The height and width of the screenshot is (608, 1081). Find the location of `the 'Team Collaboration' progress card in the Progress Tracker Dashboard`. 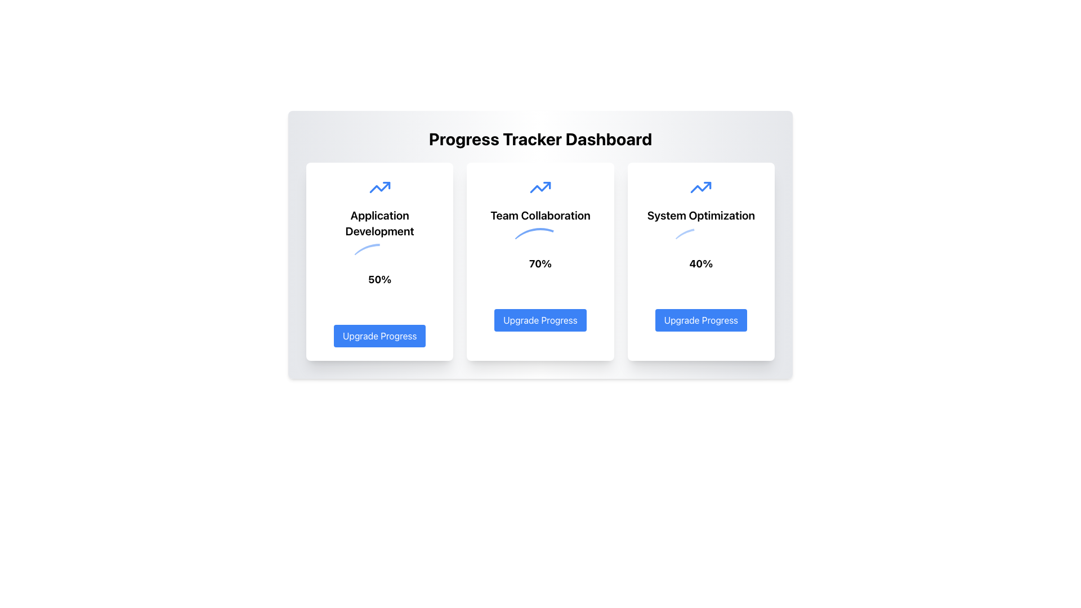

the 'Team Collaboration' progress card in the Progress Tracker Dashboard is located at coordinates (540, 244).